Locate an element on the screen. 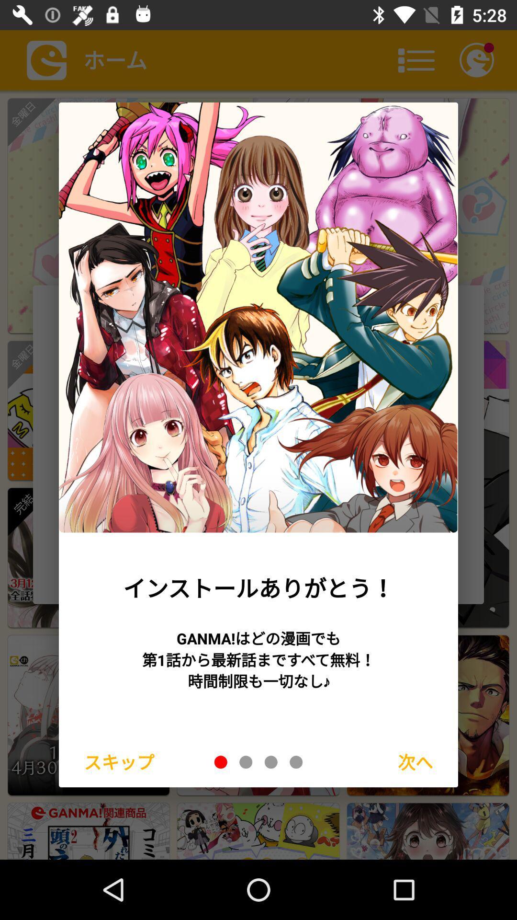 This screenshot has height=920, width=517. last picture is located at coordinates (295, 761).